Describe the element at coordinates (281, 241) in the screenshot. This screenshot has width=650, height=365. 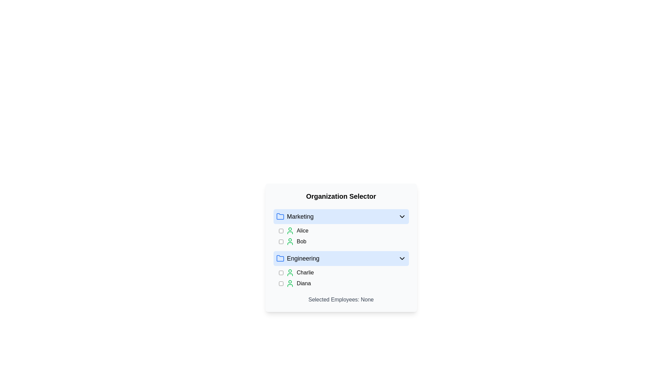
I see `the checkbox for 'Bob'` at that location.